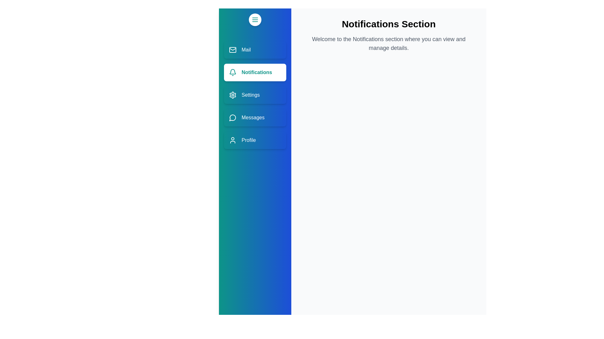  I want to click on the section Settings from the sidebar, so click(255, 95).